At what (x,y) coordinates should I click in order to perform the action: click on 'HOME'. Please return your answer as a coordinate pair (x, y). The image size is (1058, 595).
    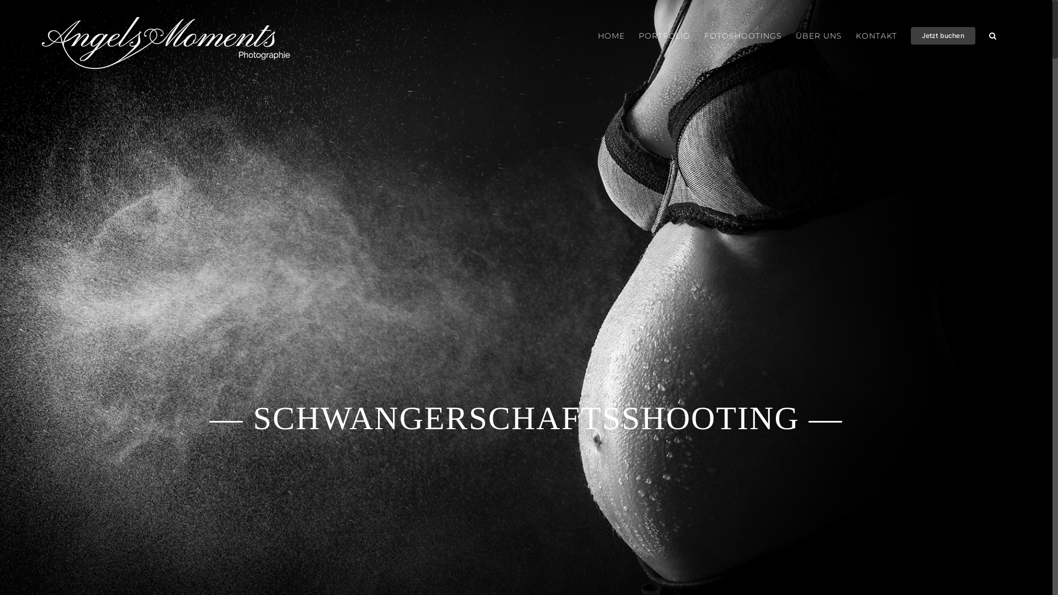
    Looking at the image, I should click on (611, 35).